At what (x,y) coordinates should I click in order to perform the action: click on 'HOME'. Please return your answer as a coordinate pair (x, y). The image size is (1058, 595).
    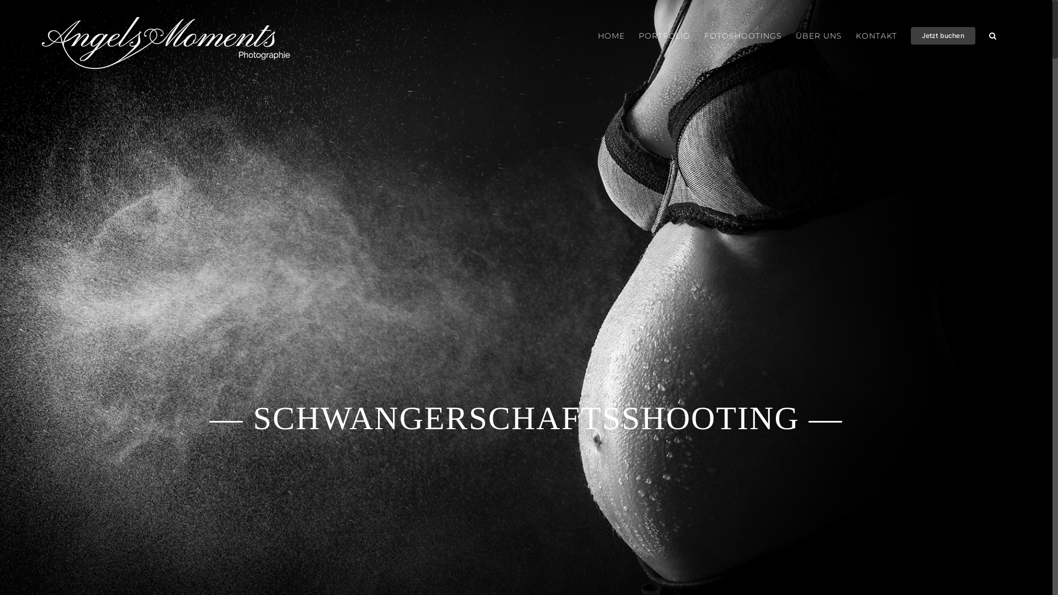
    Looking at the image, I should click on (611, 35).